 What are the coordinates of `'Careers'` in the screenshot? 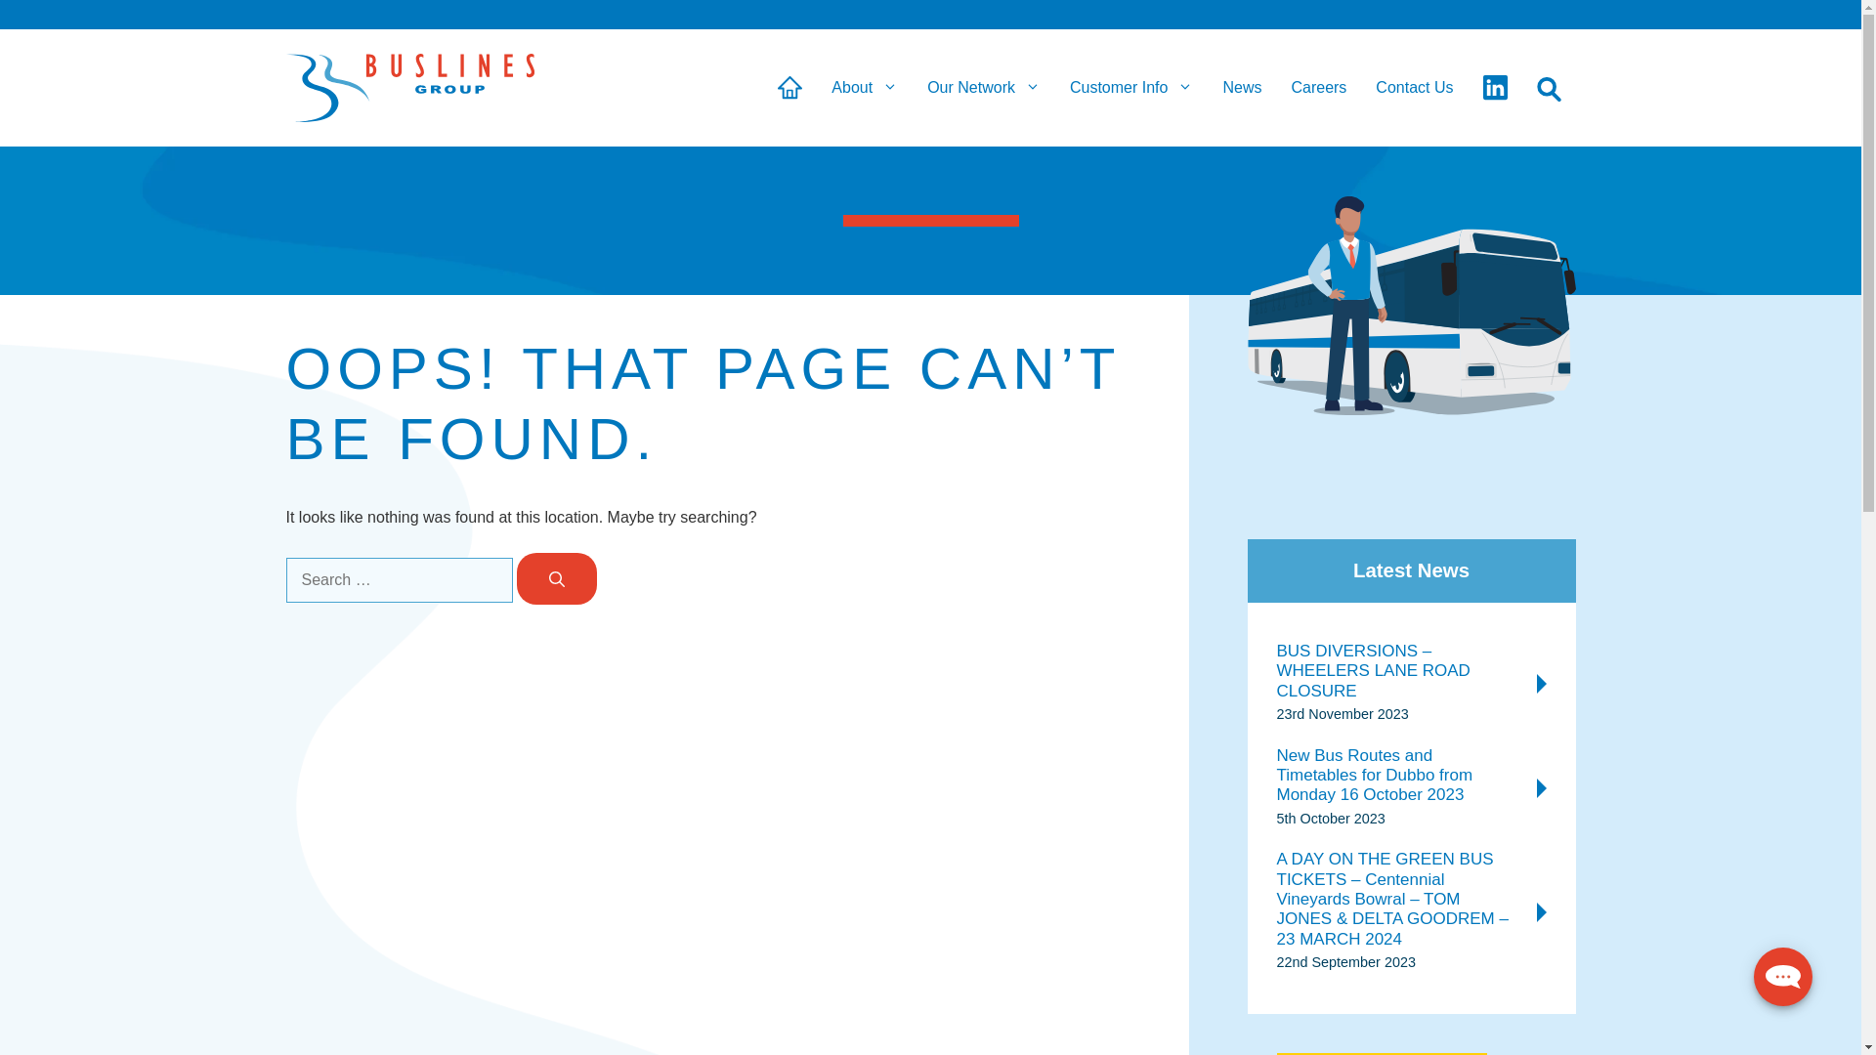 It's located at (1318, 86).